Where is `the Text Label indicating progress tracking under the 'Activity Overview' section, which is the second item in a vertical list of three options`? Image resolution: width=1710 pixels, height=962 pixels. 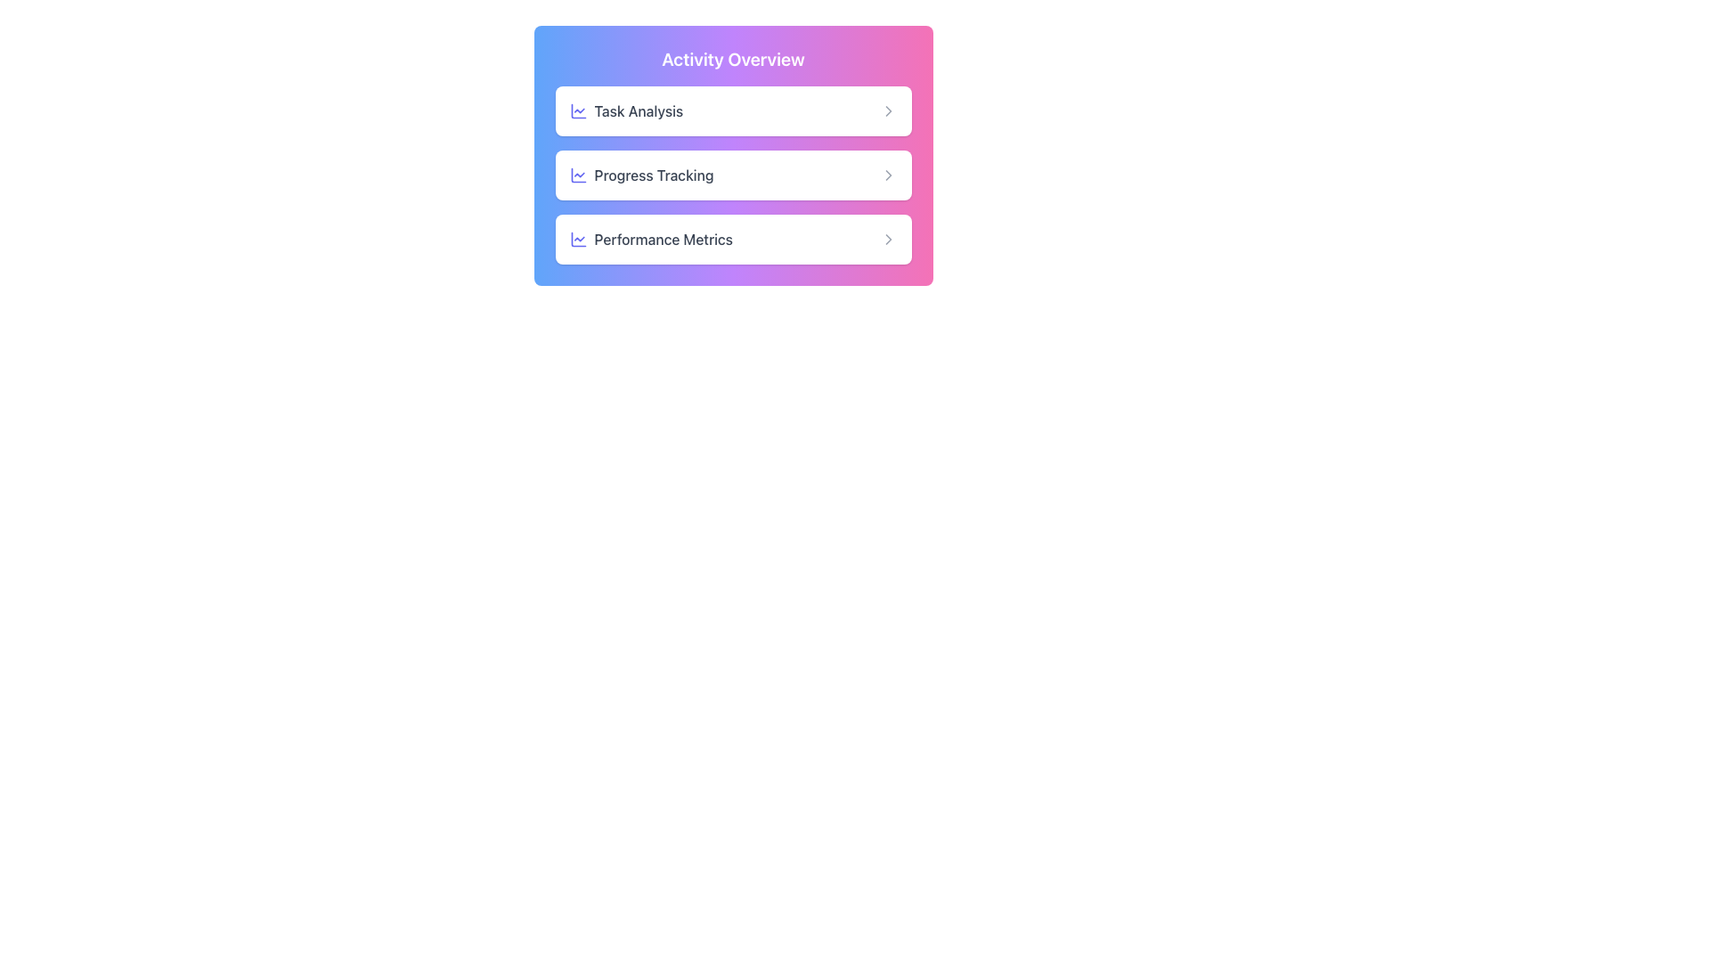
the Text Label indicating progress tracking under the 'Activity Overview' section, which is the second item in a vertical list of three options is located at coordinates (641, 175).